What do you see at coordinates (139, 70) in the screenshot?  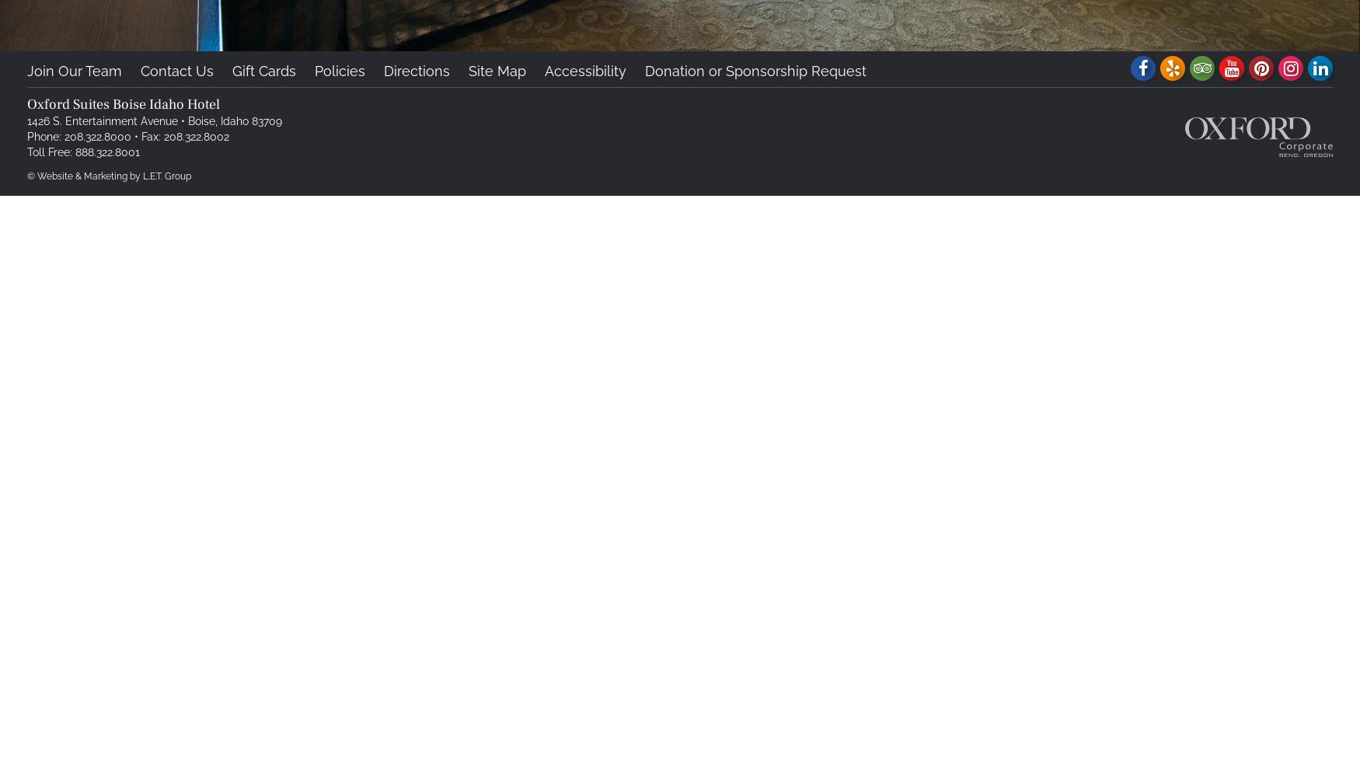 I see `'Contact Us'` at bounding box center [139, 70].